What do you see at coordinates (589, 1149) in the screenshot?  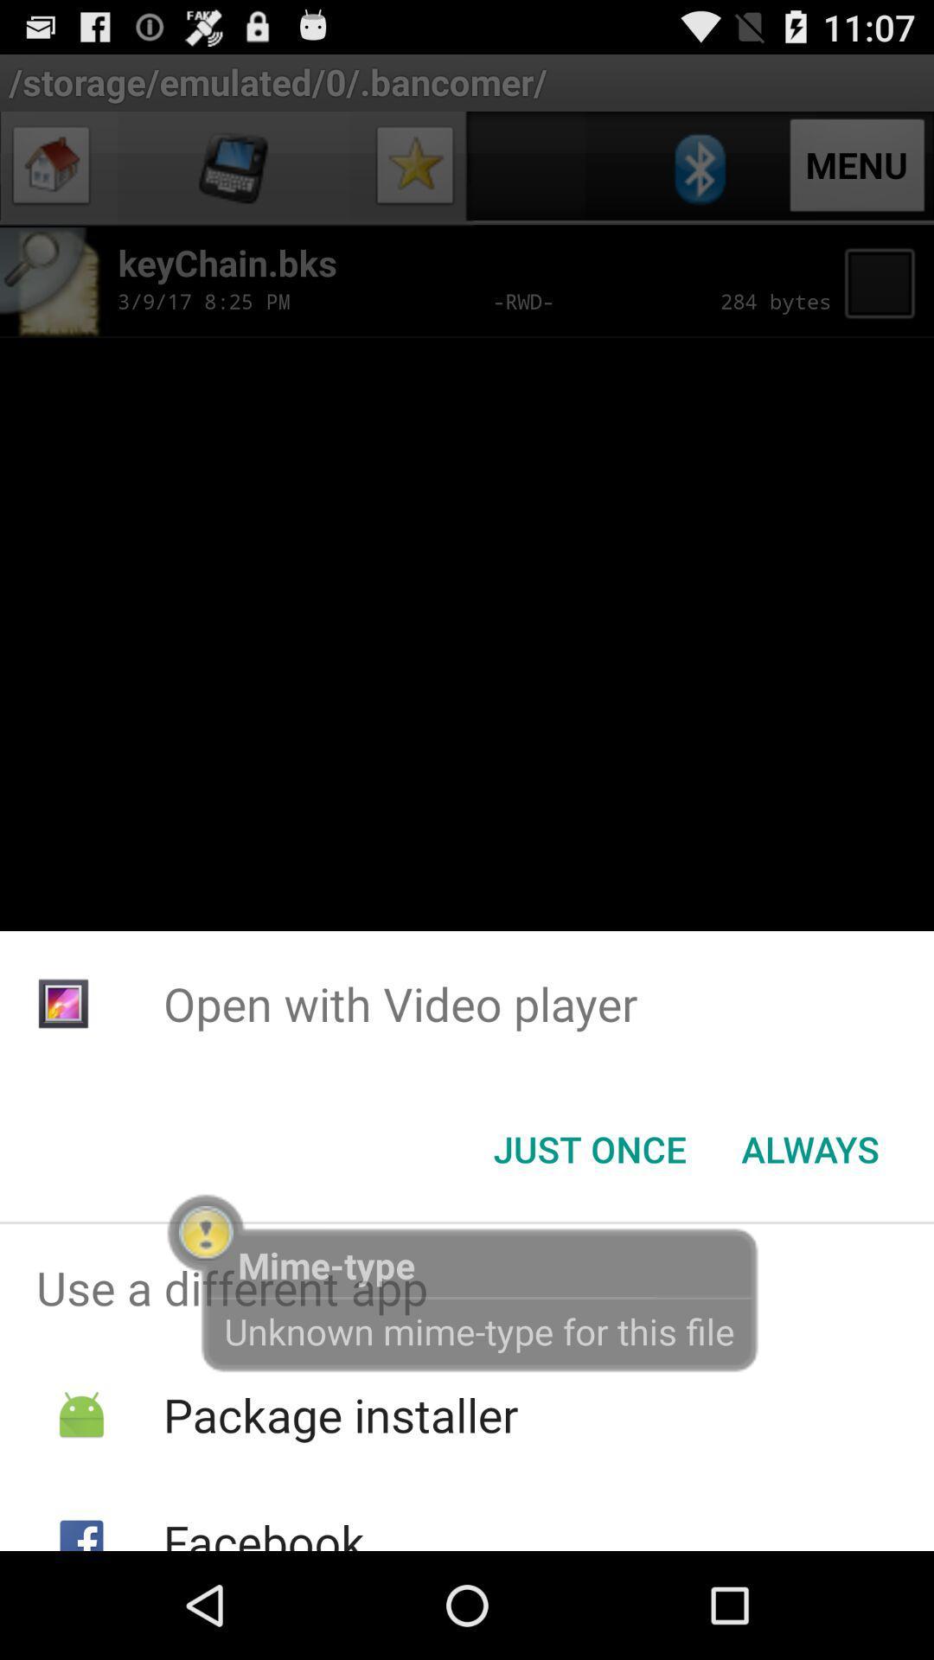 I see `just once` at bounding box center [589, 1149].